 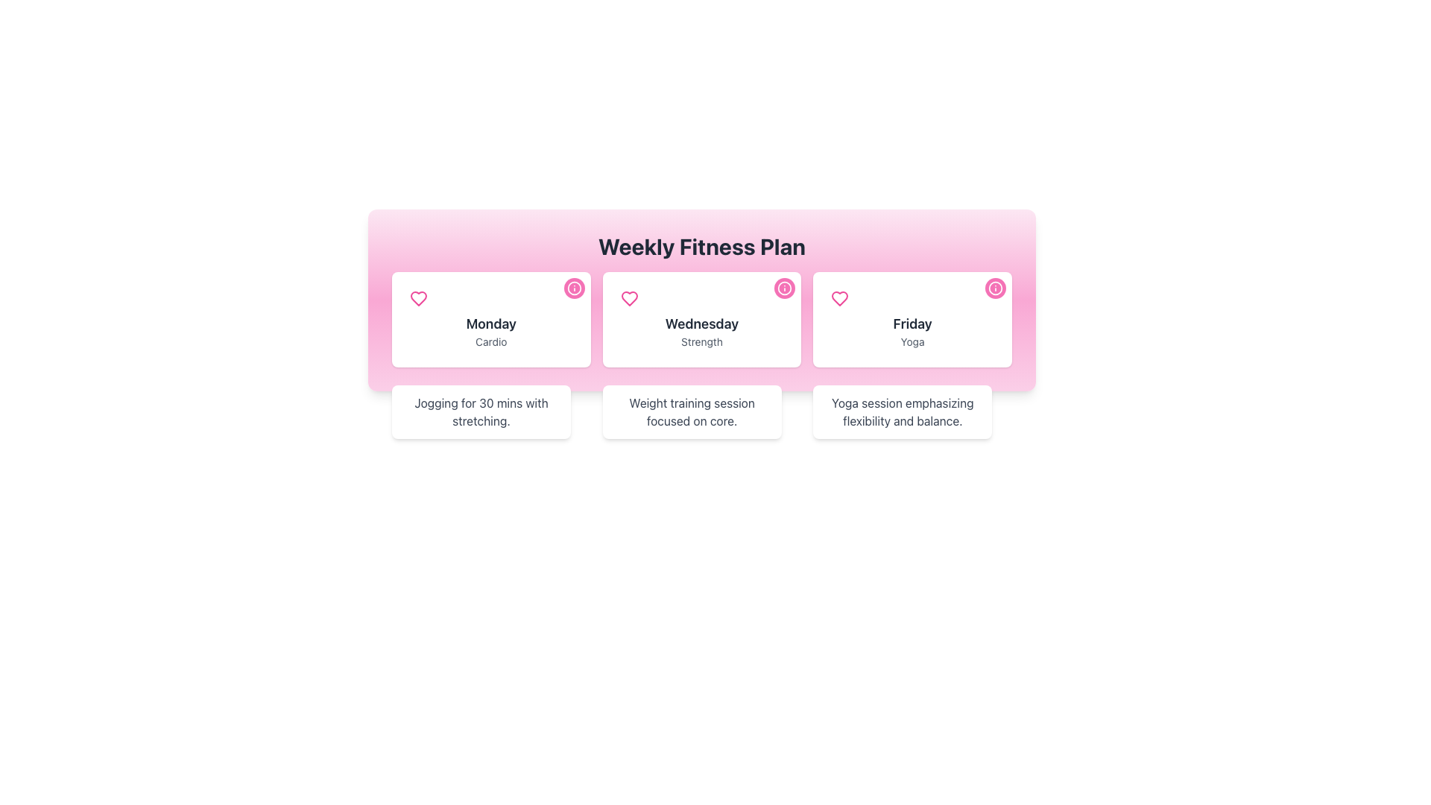 What do you see at coordinates (995, 288) in the screenshot?
I see `the circular pink button with a white information icon located at the top-right corner of the 'Friday' card in the 'Weekly Fitness Plan' section` at bounding box center [995, 288].